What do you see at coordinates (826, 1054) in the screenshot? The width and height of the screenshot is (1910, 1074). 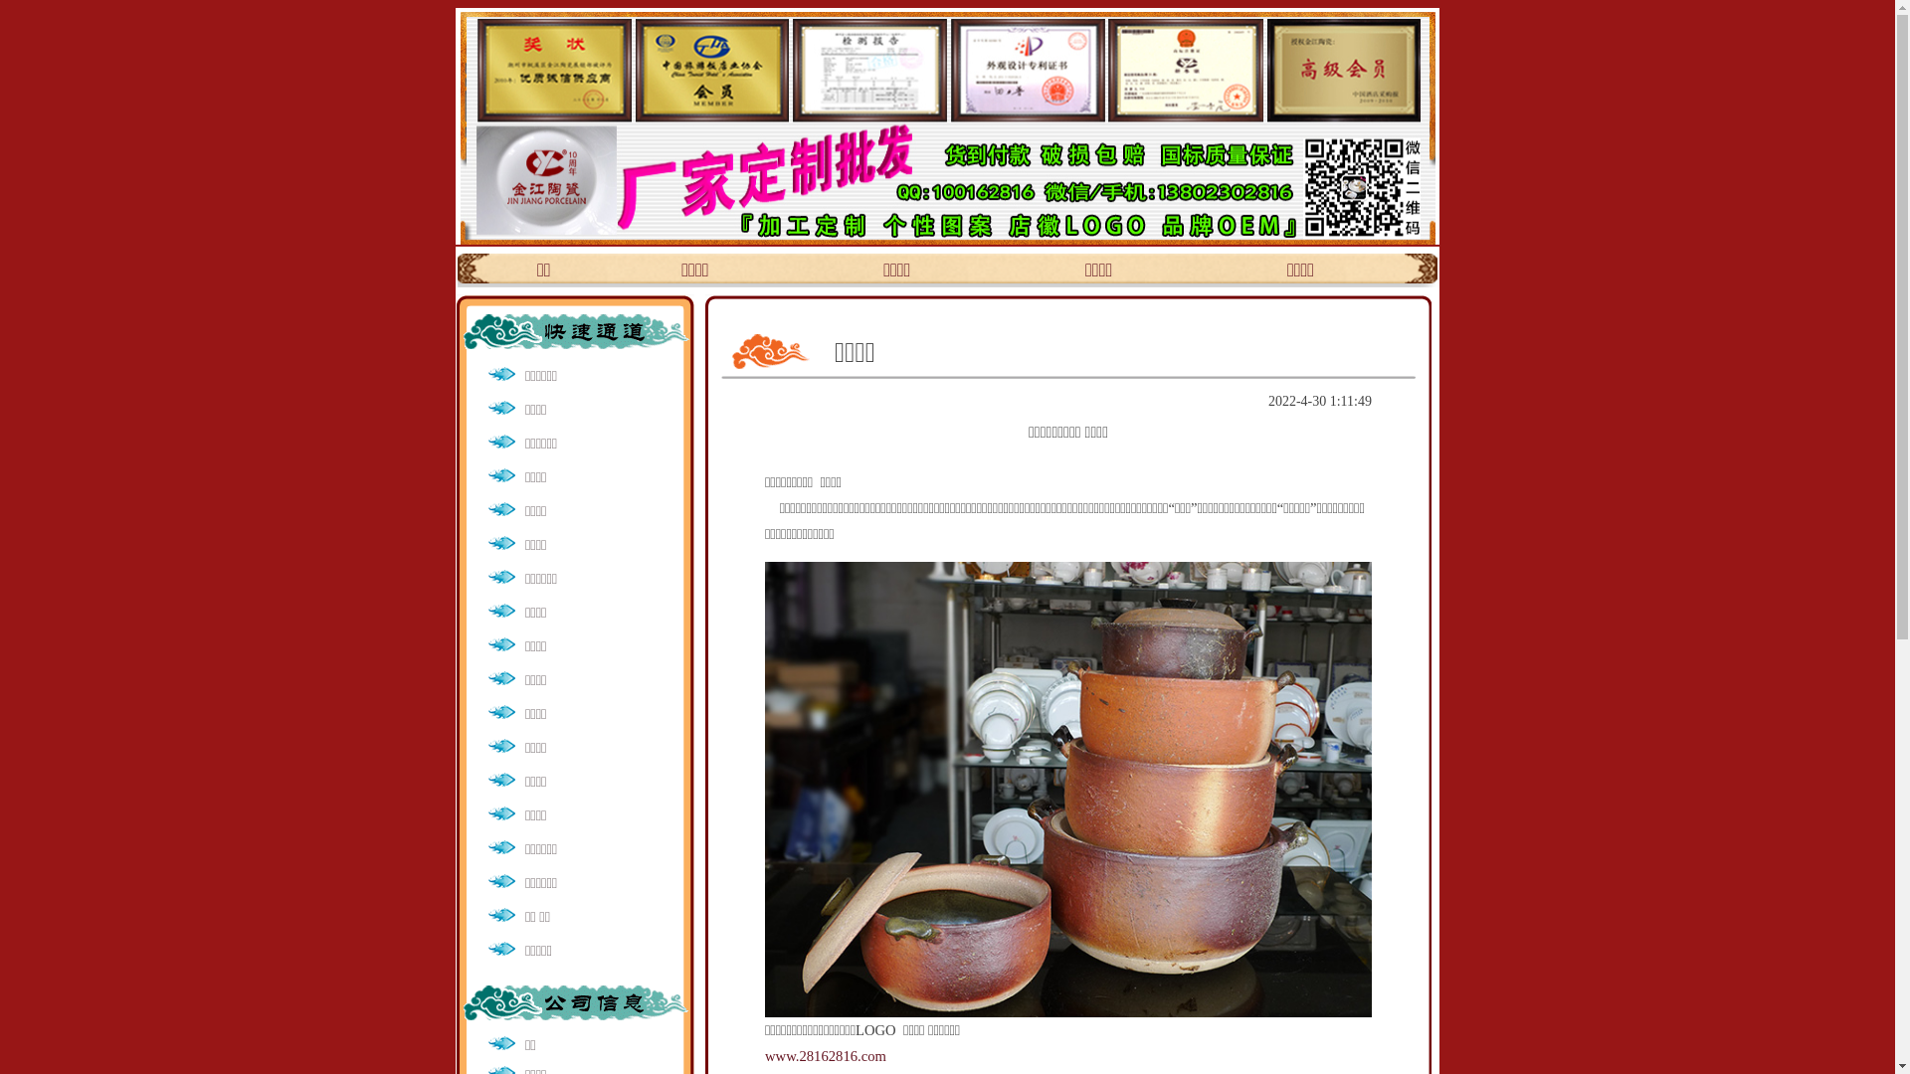 I see `'www.28162816.com'` at bounding box center [826, 1054].